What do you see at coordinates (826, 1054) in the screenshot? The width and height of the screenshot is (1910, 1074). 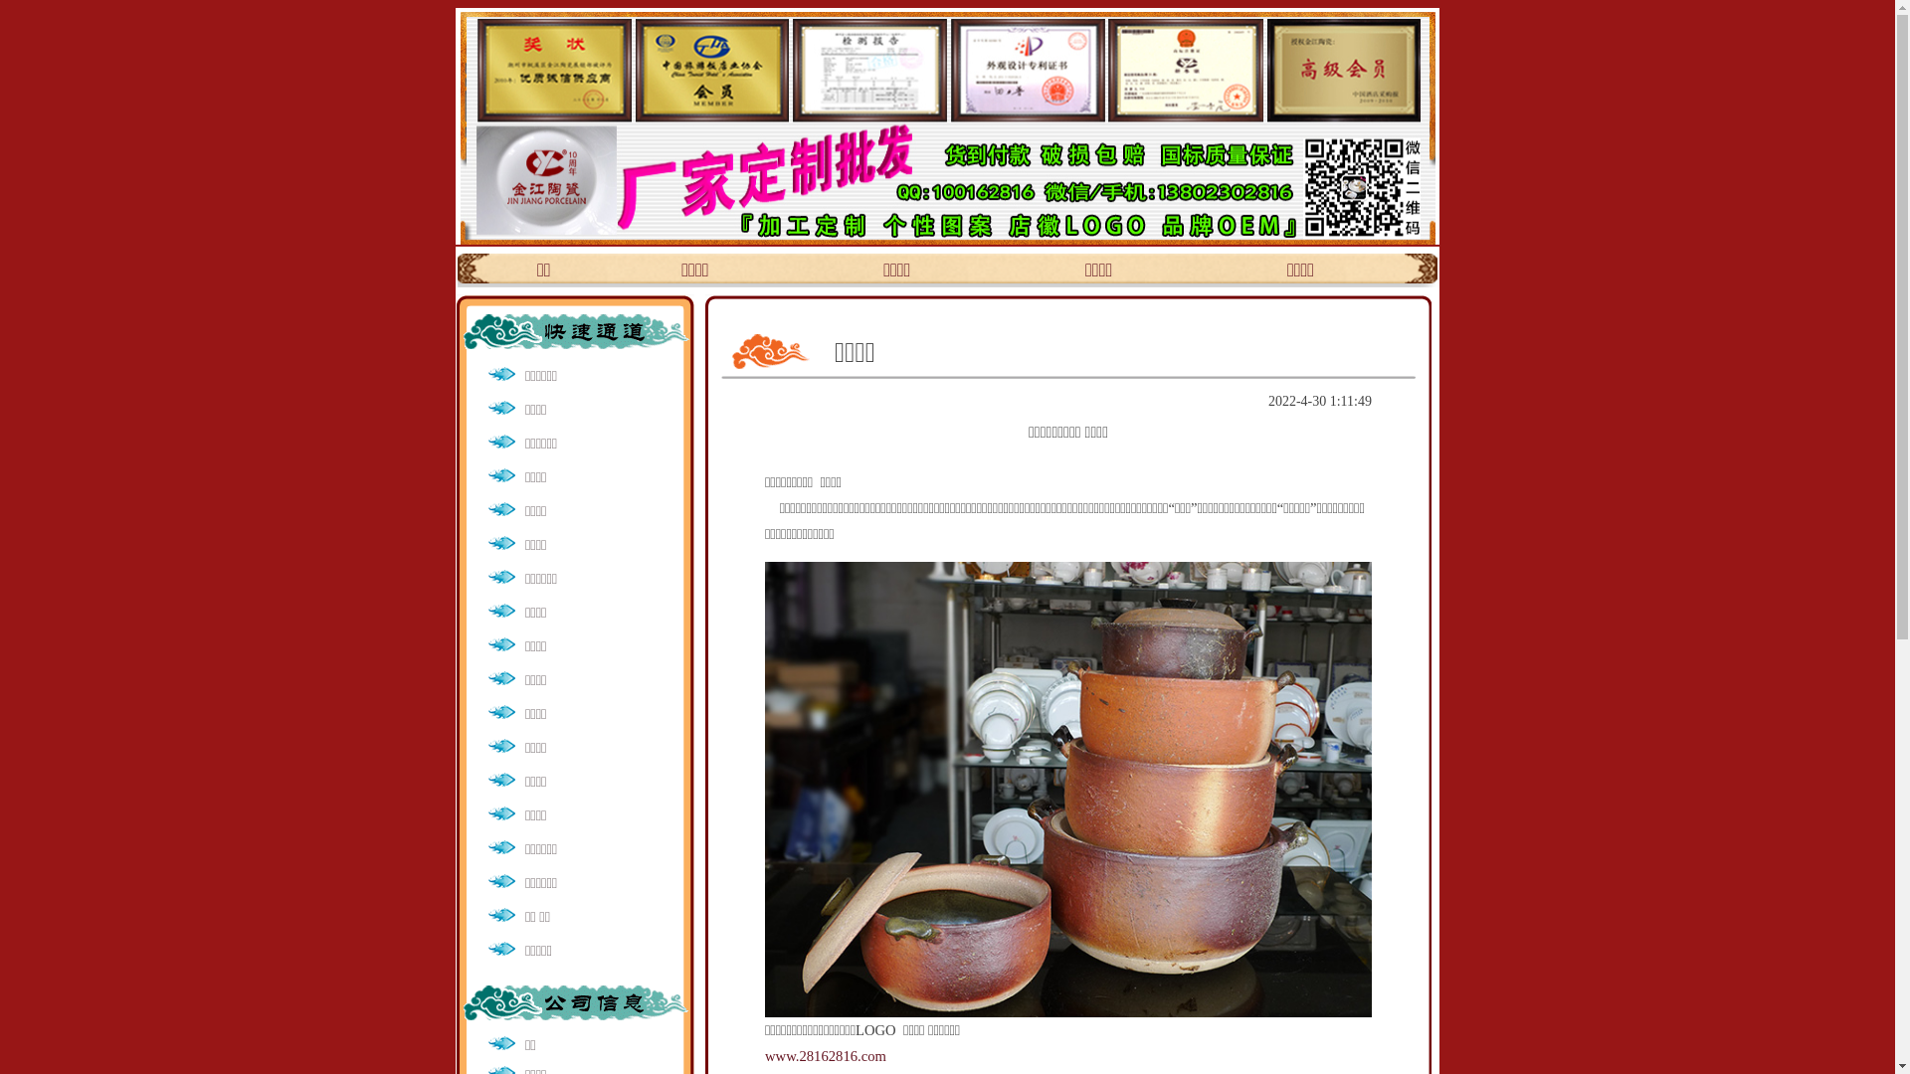 I see `'www.28162816.com'` at bounding box center [826, 1054].